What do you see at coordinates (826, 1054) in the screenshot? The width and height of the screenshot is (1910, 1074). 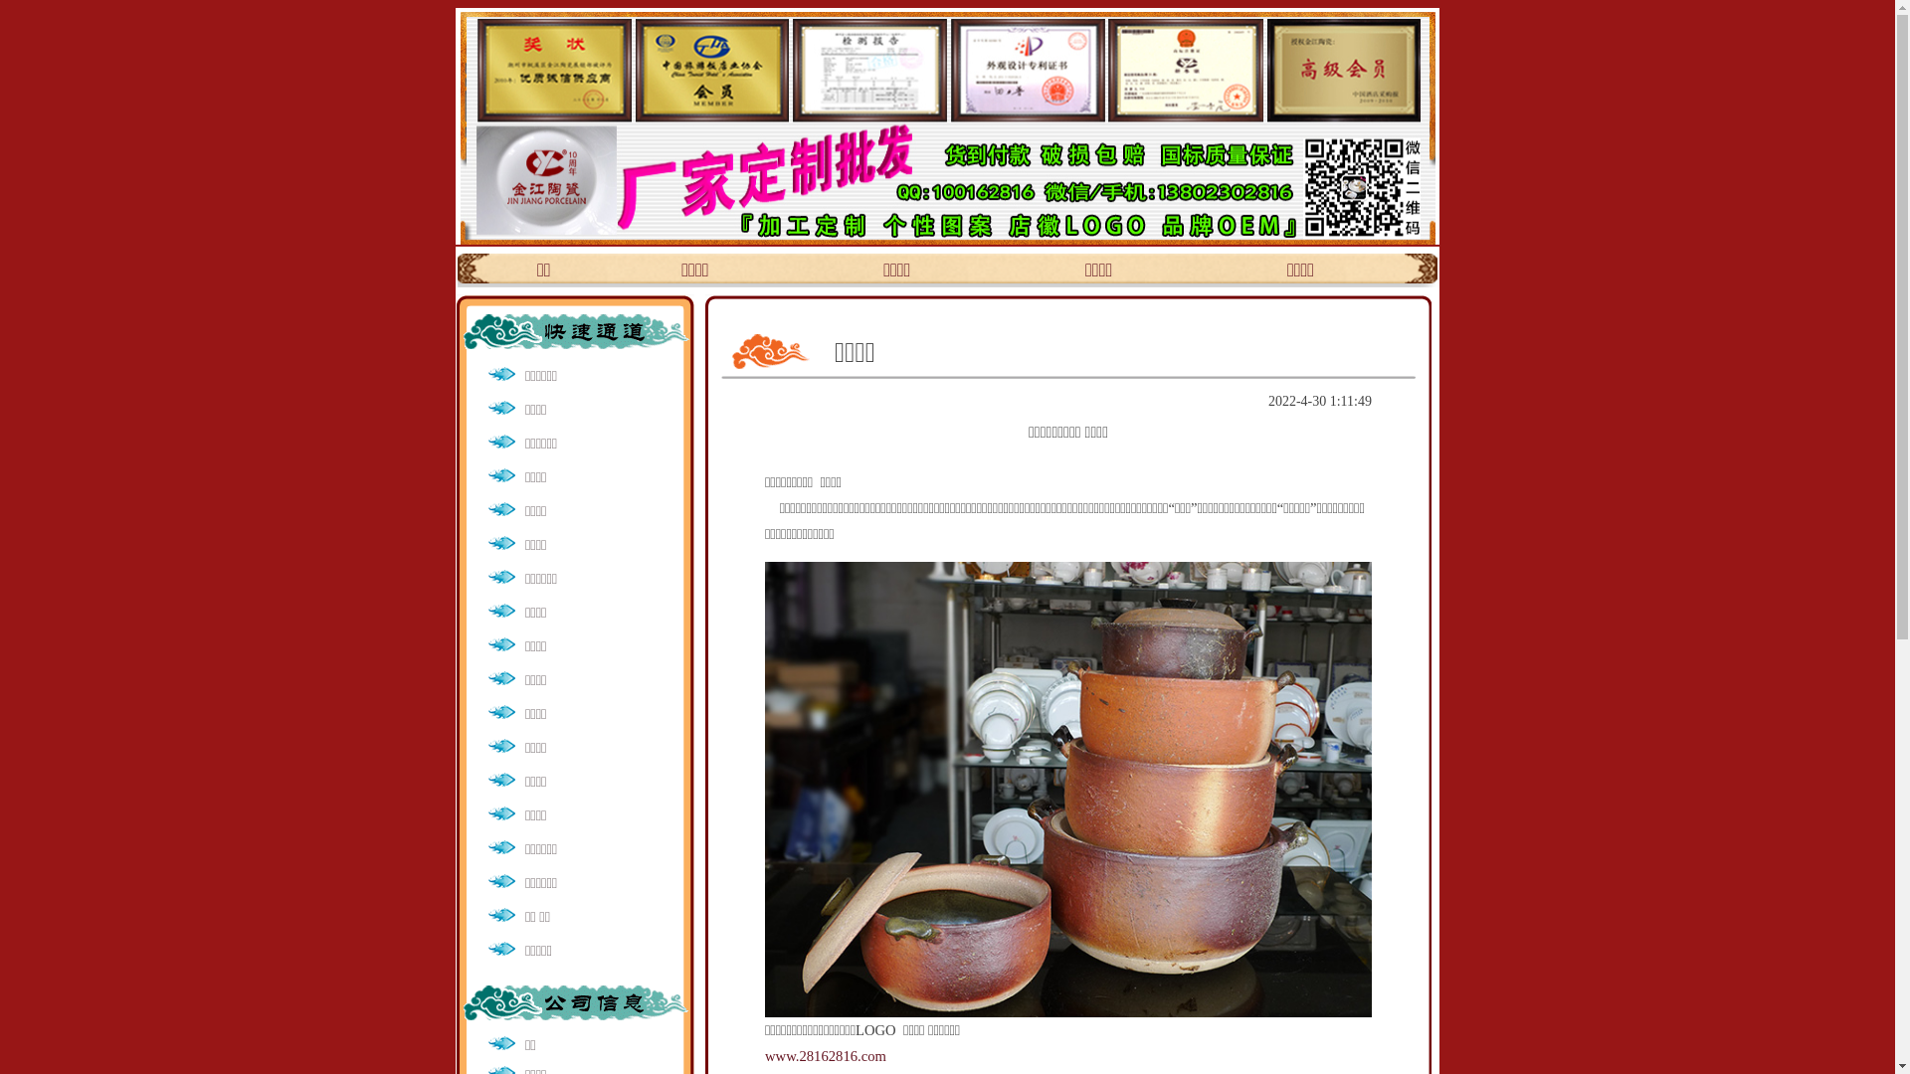 I see `'www.28162816.com'` at bounding box center [826, 1054].